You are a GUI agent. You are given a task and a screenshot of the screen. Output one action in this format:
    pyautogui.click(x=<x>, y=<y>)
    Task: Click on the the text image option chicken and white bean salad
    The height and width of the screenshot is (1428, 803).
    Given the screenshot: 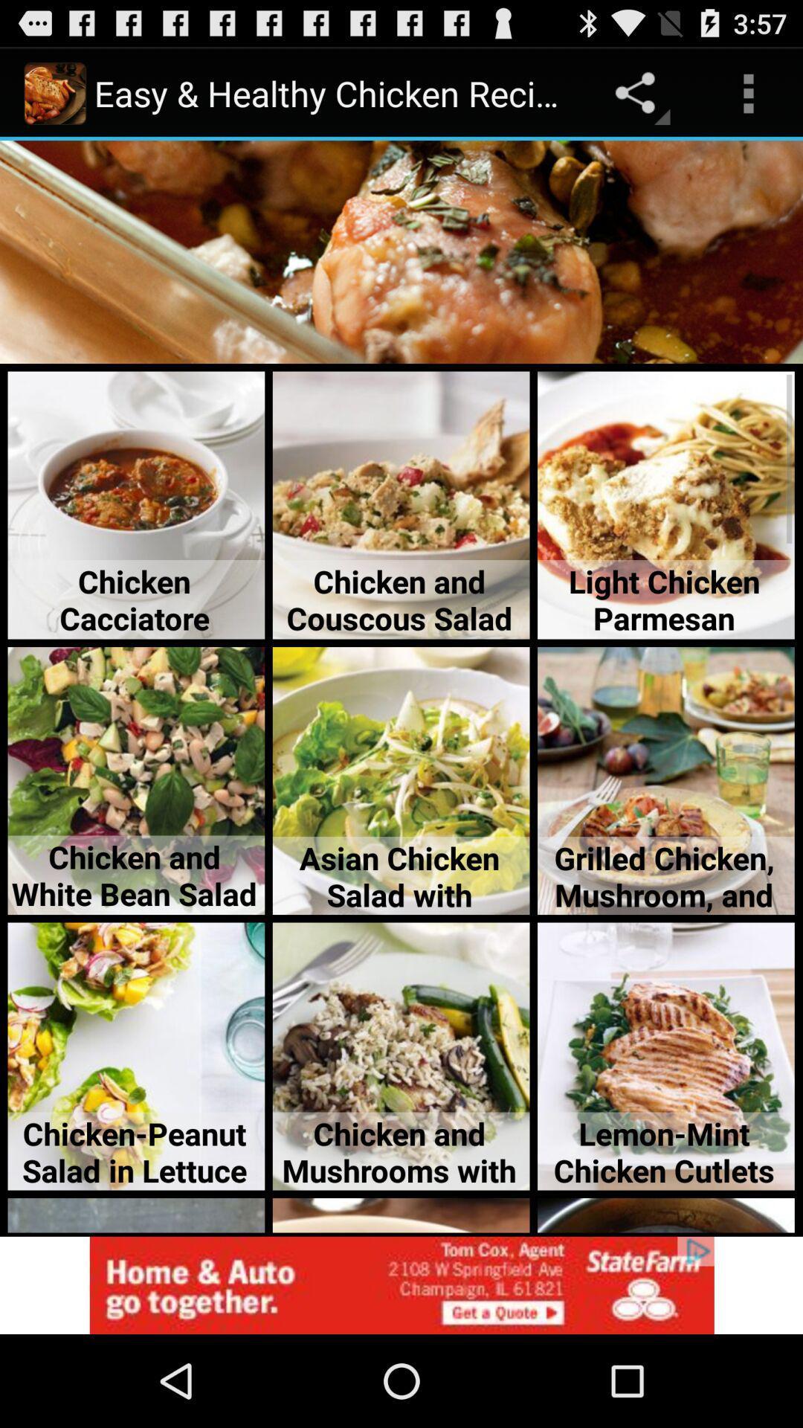 What is the action you would take?
    pyautogui.click(x=136, y=780)
    